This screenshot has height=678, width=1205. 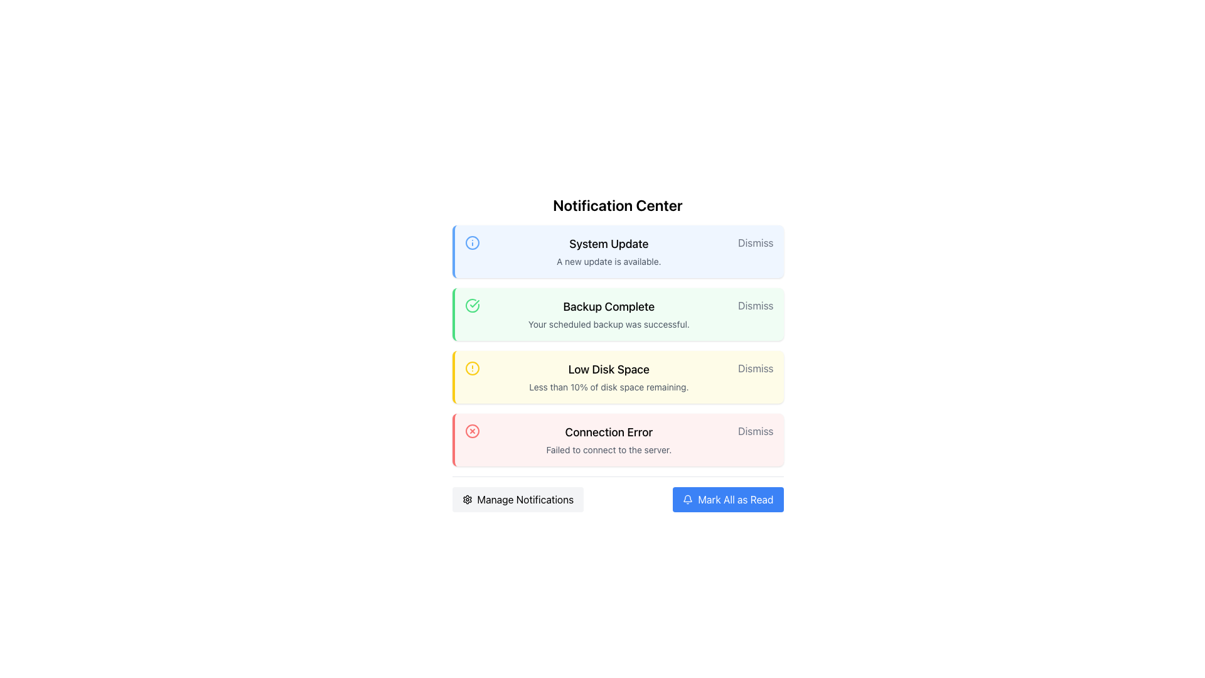 What do you see at coordinates (471, 430) in the screenshot?
I see `the error notification icon located to the left of the 'Connection Error' text in the bottom-most notification card` at bounding box center [471, 430].